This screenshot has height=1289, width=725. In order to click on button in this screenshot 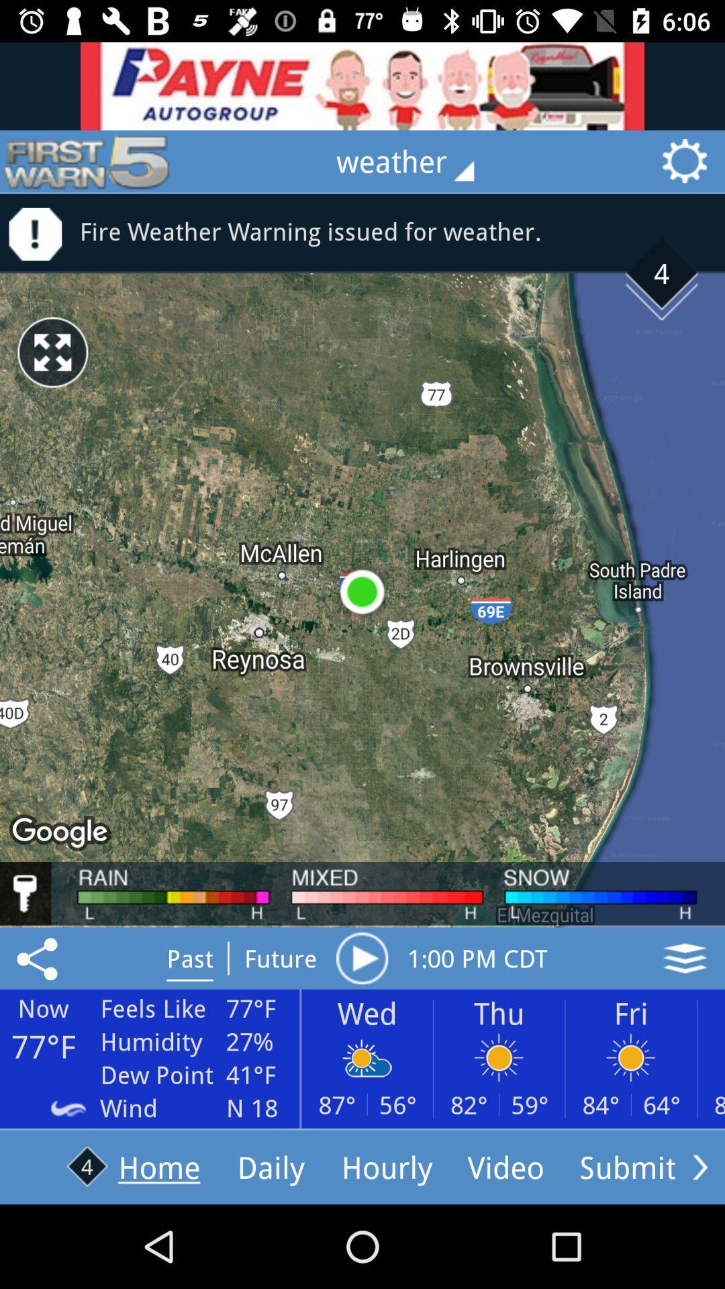, I will do `click(361, 957)`.